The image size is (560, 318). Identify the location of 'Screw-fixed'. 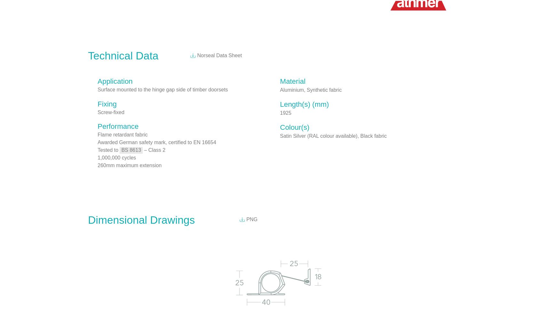
(111, 112).